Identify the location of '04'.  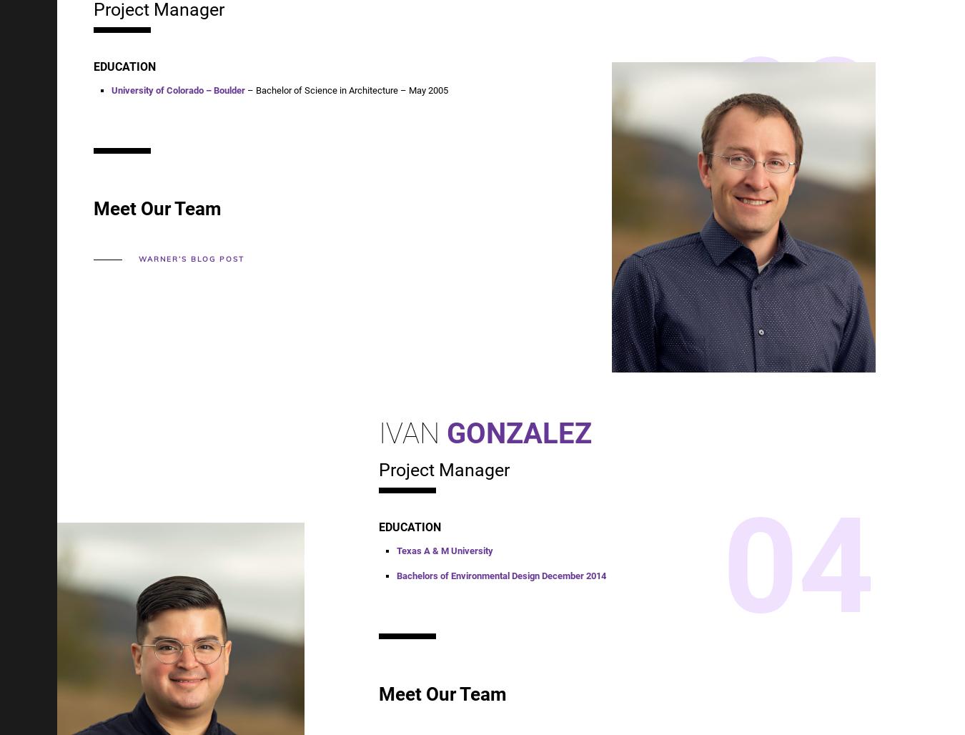
(798, 566).